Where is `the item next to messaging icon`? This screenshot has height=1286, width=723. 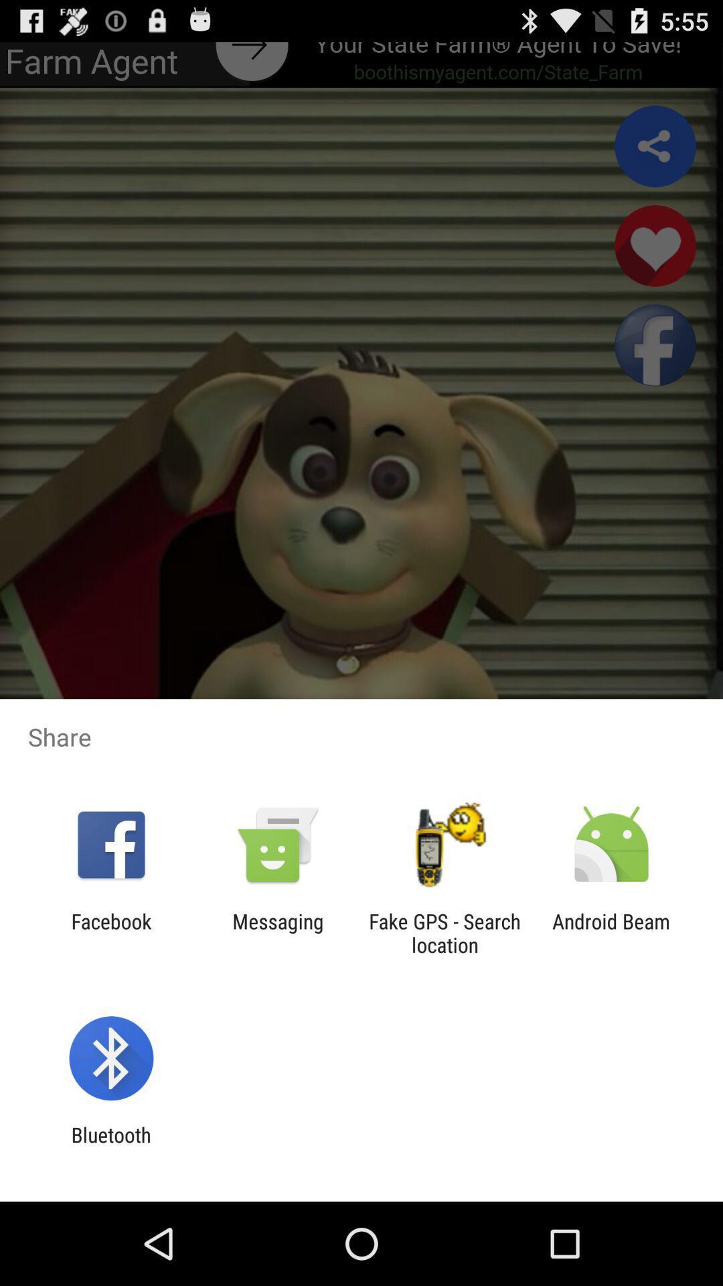
the item next to messaging icon is located at coordinates (445, 932).